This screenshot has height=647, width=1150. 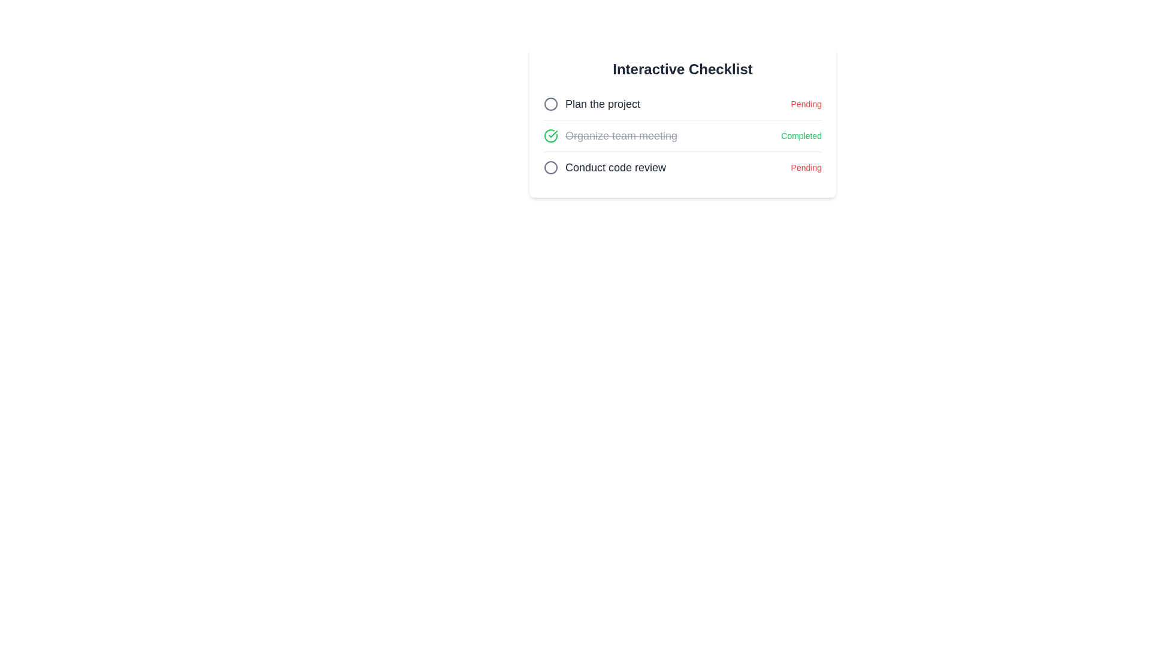 I want to click on the text element that reads 'Plan the project', which is the first item in the checklist located below the header 'Interactive Checklist', so click(x=603, y=103).